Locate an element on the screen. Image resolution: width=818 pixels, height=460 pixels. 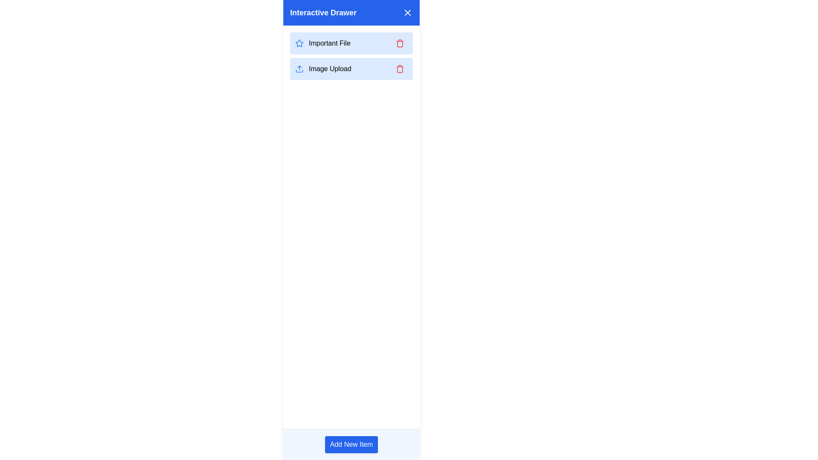
the small red trash can icon button located in the top action section of the 'Important File' block is located at coordinates (400, 43).